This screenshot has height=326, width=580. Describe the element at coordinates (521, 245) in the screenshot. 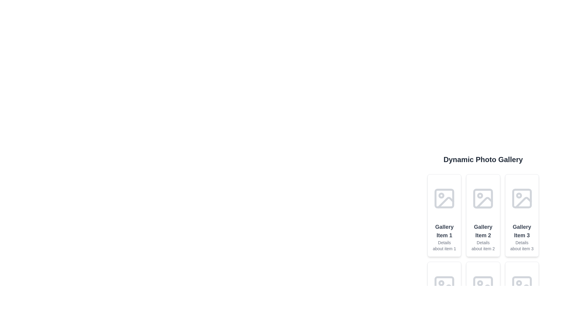

I see `the descriptive text label associated with 'Gallery Item 3', located at the bottom of the card layout under the title` at that location.